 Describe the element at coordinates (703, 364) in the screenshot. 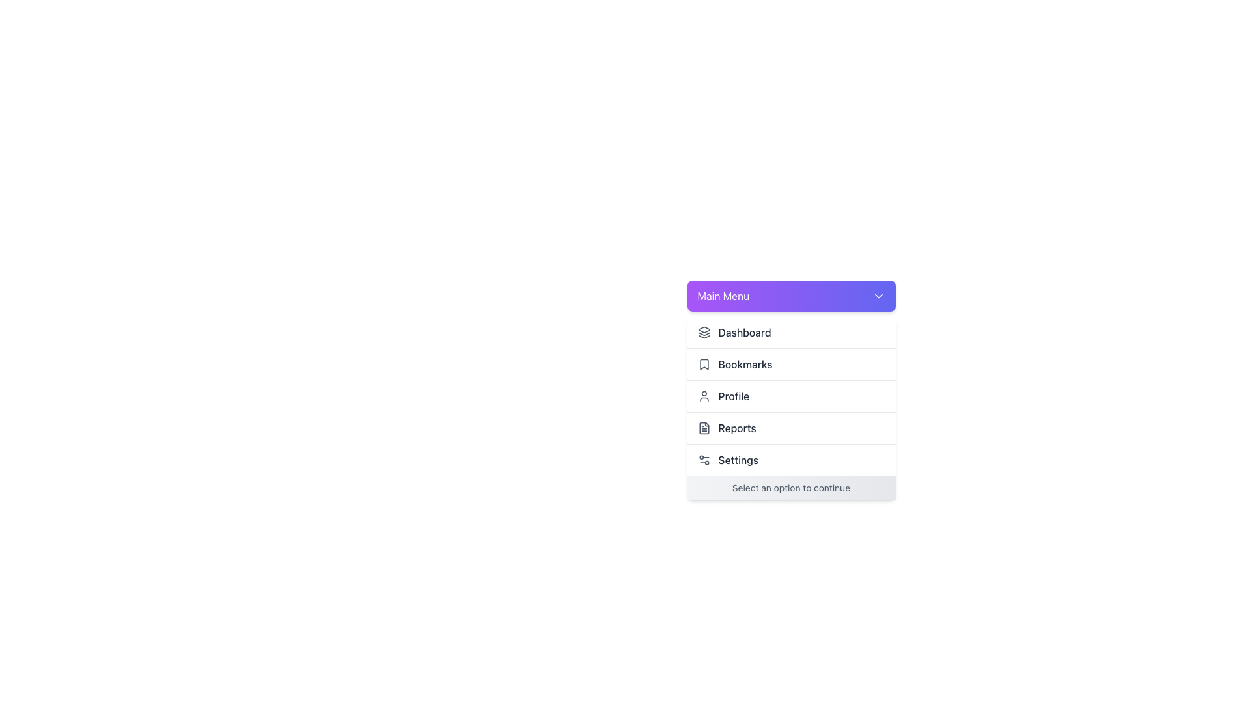

I see `the 'Bookmarks' icon in the menu, which visually represents the bookmarks feature for quick recognition by users` at that location.